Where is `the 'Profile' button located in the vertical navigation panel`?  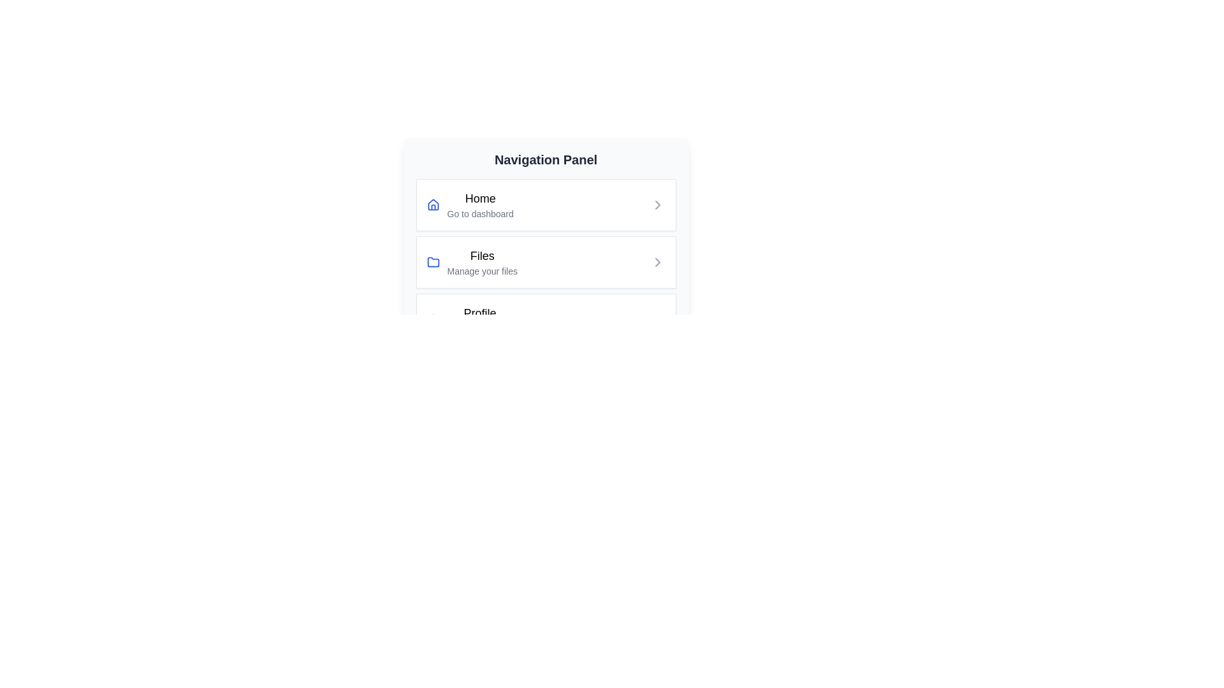
the 'Profile' button located in the vertical navigation panel is located at coordinates (546, 319).